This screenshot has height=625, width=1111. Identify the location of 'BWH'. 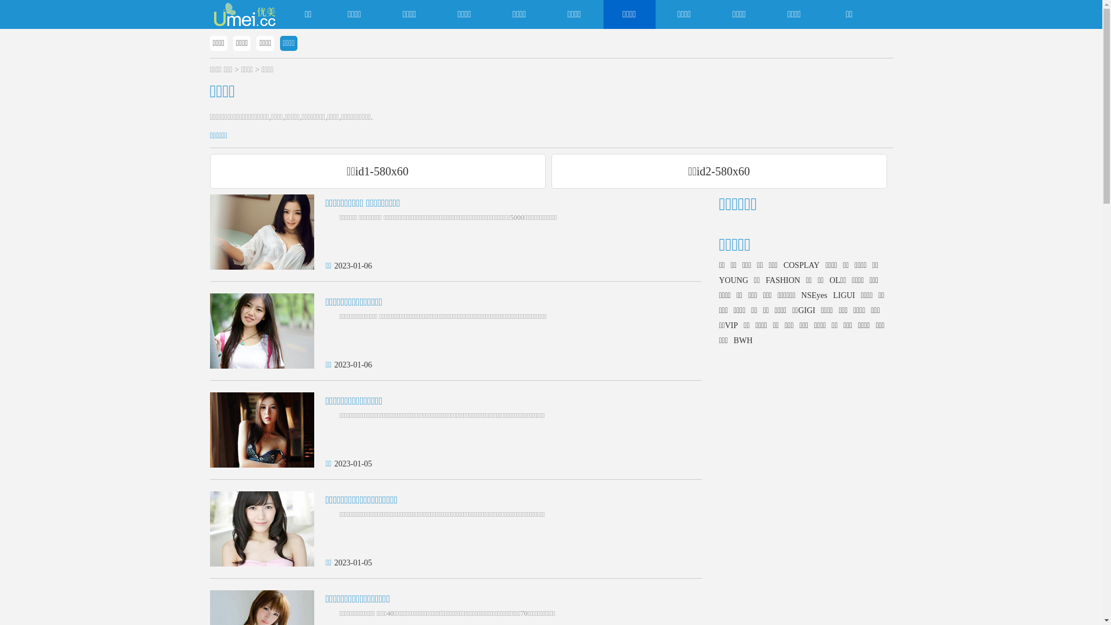
(733, 340).